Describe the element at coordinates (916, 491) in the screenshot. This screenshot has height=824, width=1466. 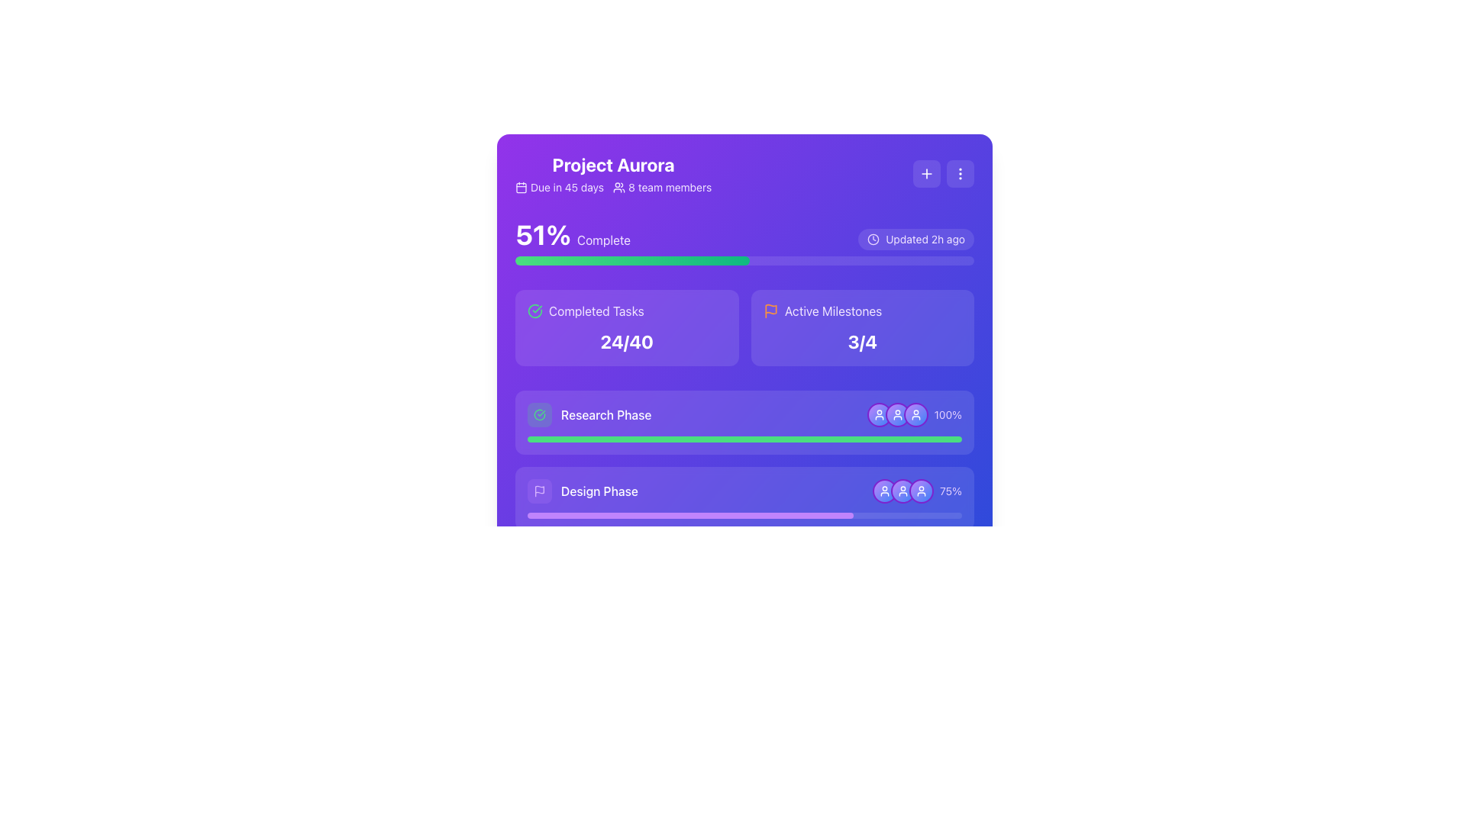
I see `the progress percentage text label indicating the 'Design Phase', located in the bottom-right corner of the 'Design Phase' area, to the right of the three adjacent user icons` at that location.